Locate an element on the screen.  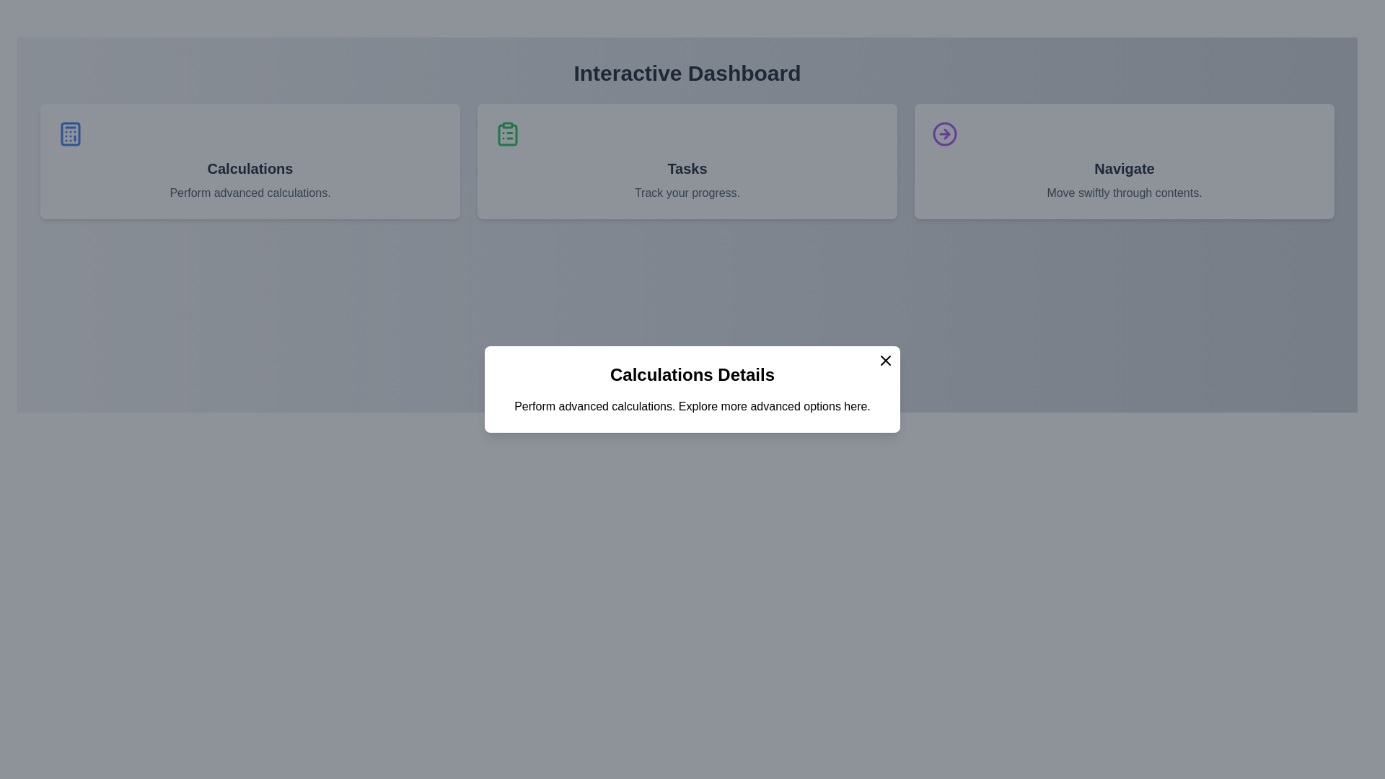
the bold, large-font heading text 'Calculations Details', which is prominently displayed in black within a white rounded rectangular box at the bottom of the viewport is located at coordinates (692, 374).